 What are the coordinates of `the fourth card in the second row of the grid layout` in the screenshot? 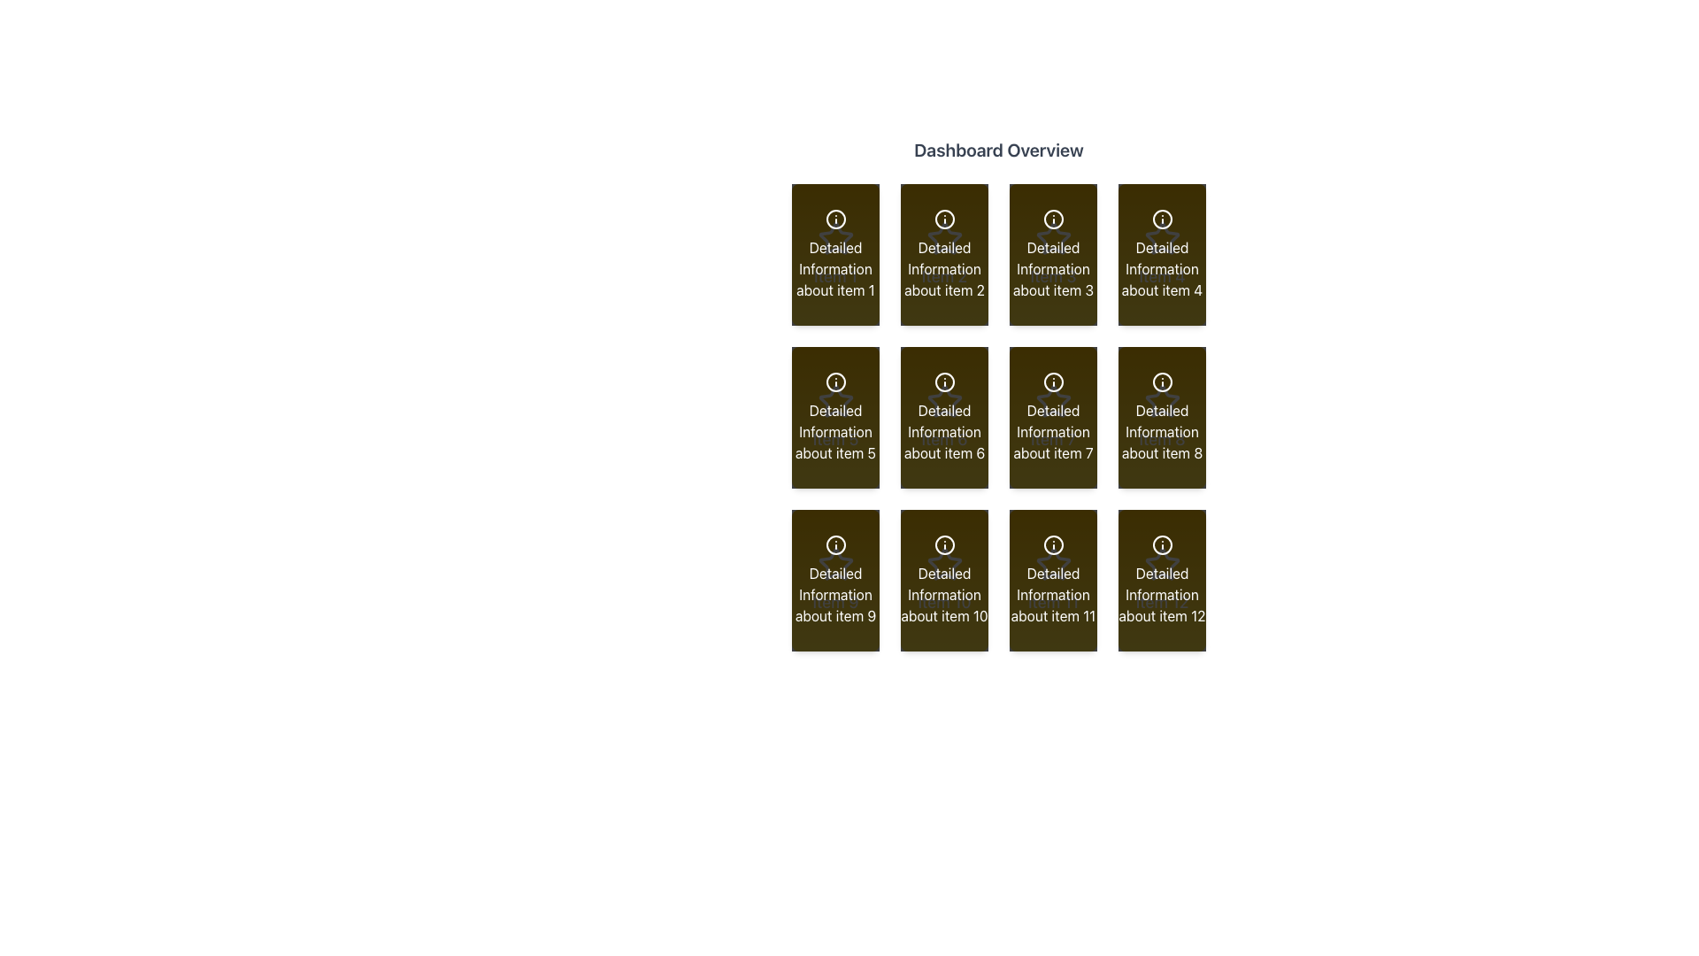 It's located at (1162, 417).